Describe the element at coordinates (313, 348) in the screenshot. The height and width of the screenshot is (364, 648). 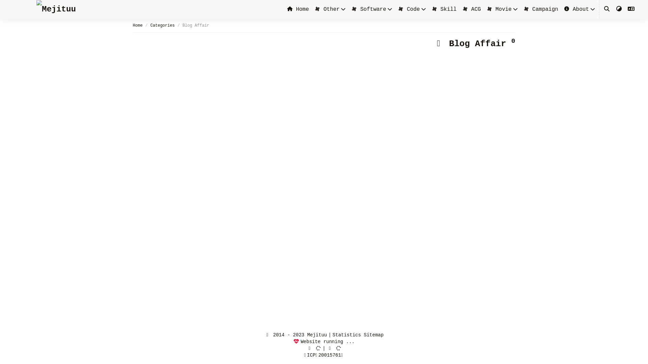
I see `'Total visitors'` at that location.